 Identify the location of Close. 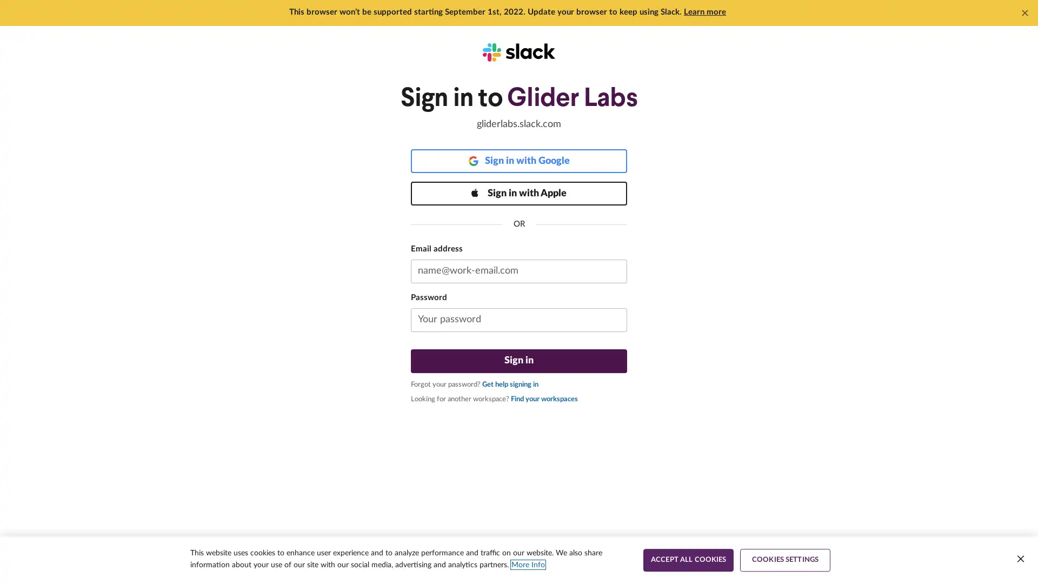
(1020, 559).